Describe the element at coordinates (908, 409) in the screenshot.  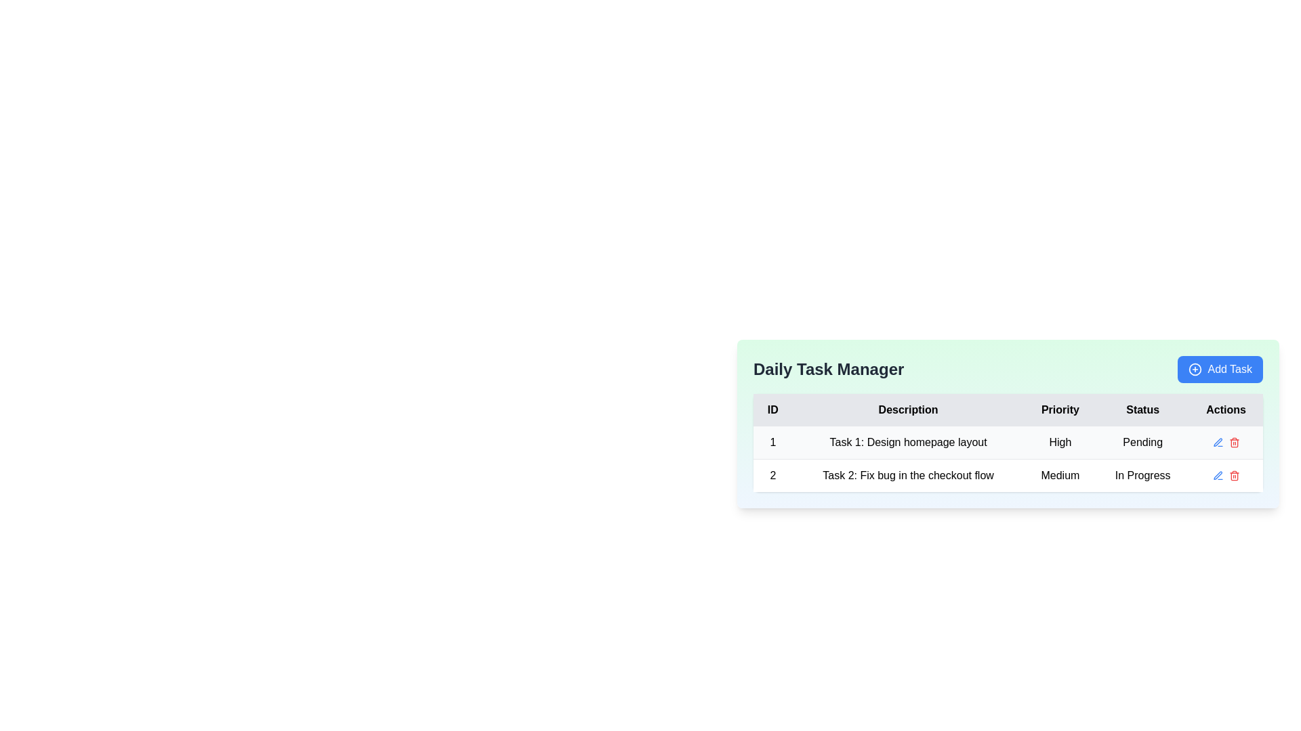
I see `the 'Description' column header in the table, which is the second column from the left, positioned between 'ID' and 'Priority'` at that location.